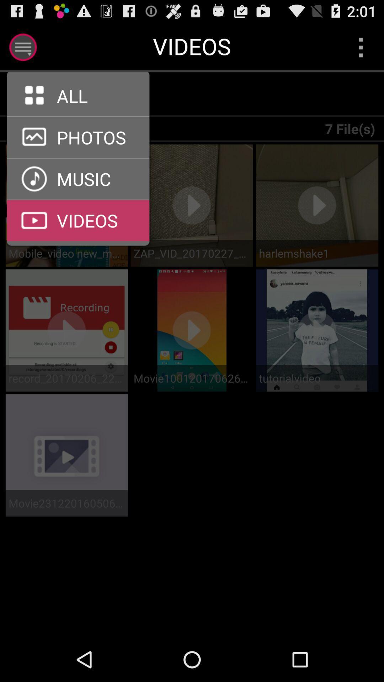 The width and height of the screenshot is (384, 682). What do you see at coordinates (30, 94) in the screenshot?
I see `show all` at bounding box center [30, 94].